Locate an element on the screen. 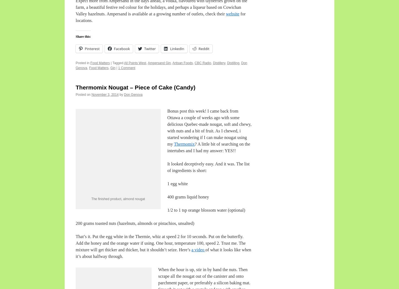 The width and height of the screenshot is (399, 289). 'All Points West' is located at coordinates (135, 63).